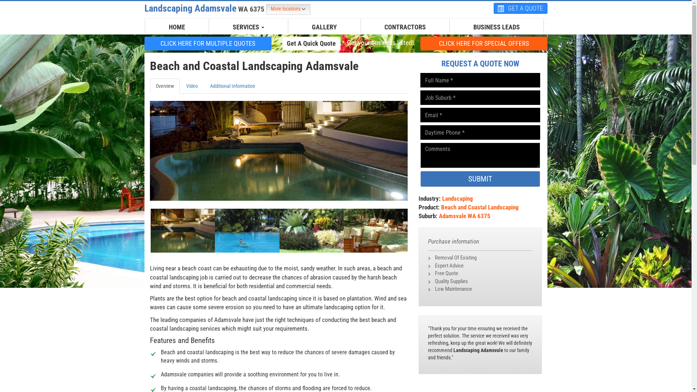  Describe the element at coordinates (248, 26) in the screenshot. I see `'SERVICES'` at that location.